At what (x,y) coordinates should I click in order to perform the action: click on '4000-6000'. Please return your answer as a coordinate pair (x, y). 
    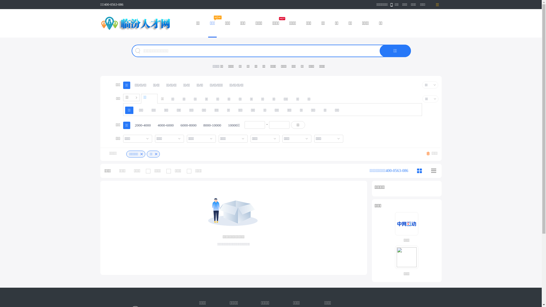
    Looking at the image, I should click on (165, 125).